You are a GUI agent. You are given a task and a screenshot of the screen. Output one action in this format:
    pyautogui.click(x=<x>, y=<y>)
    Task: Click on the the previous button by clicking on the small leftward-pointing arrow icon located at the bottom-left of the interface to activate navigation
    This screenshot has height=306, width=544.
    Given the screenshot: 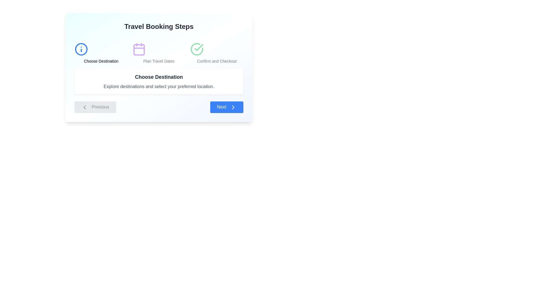 What is the action you would take?
    pyautogui.click(x=84, y=107)
    